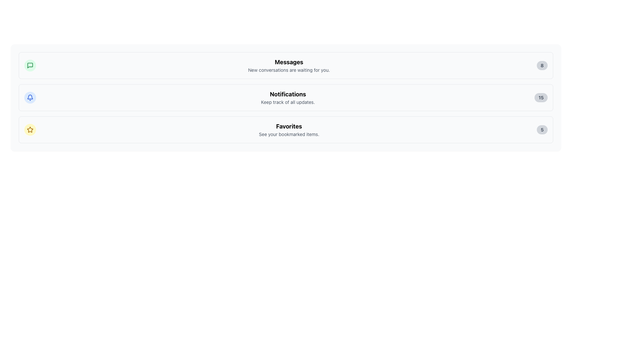 Image resolution: width=630 pixels, height=354 pixels. What do you see at coordinates (289, 130) in the screenshot?
I see `text from the 'Favorites' section that consists of a bold title and a description below it, where the title reads 'Favorites' and the description reads 'See your bookmarked items.'` at bounding box center [289, 130].